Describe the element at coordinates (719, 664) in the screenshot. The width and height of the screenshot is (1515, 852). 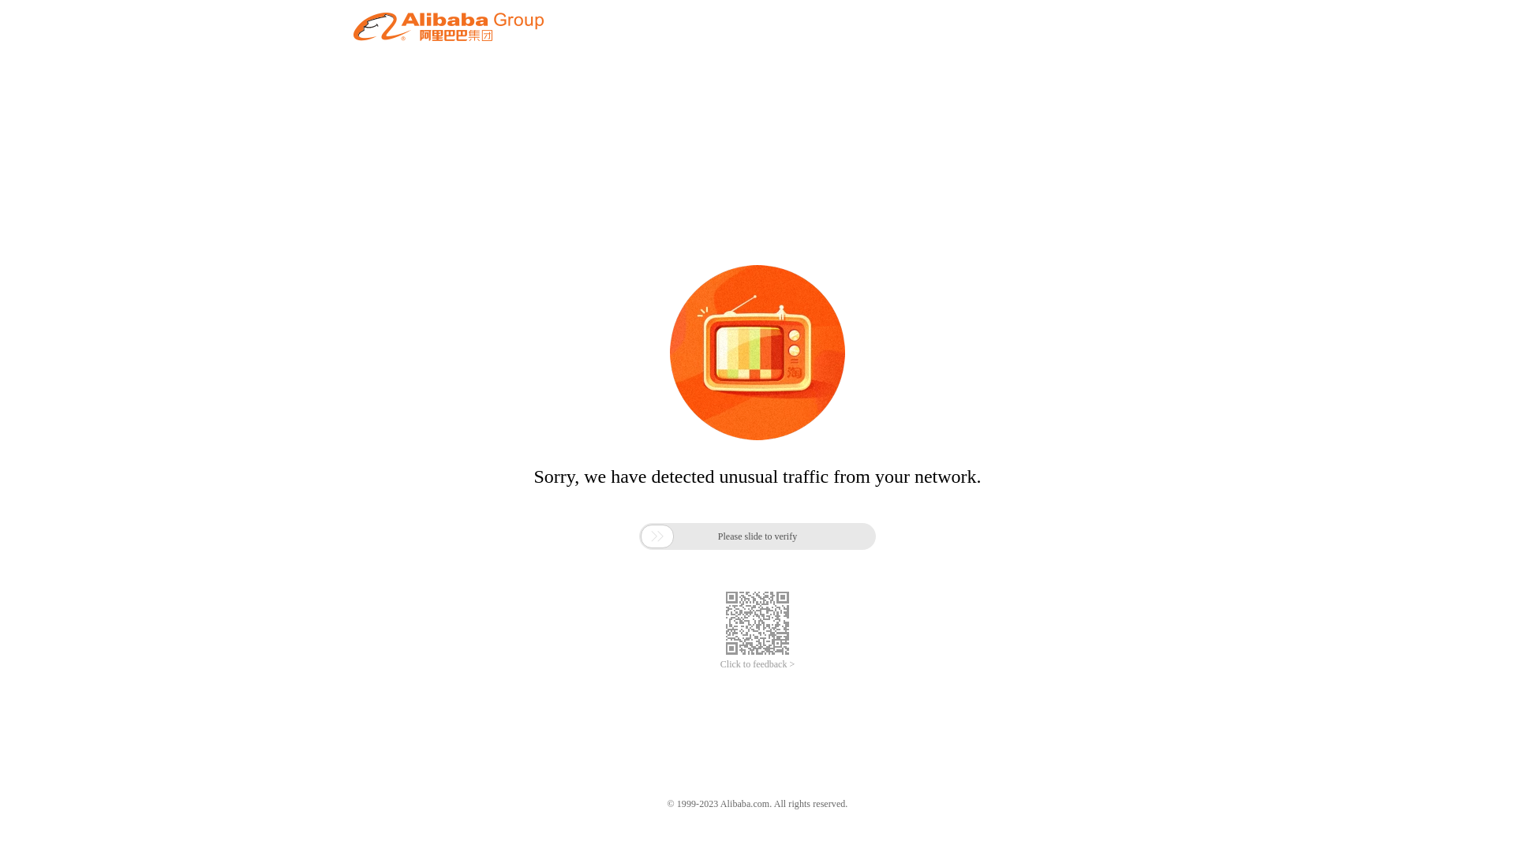
I see `'Click to feedback >'` at that location.